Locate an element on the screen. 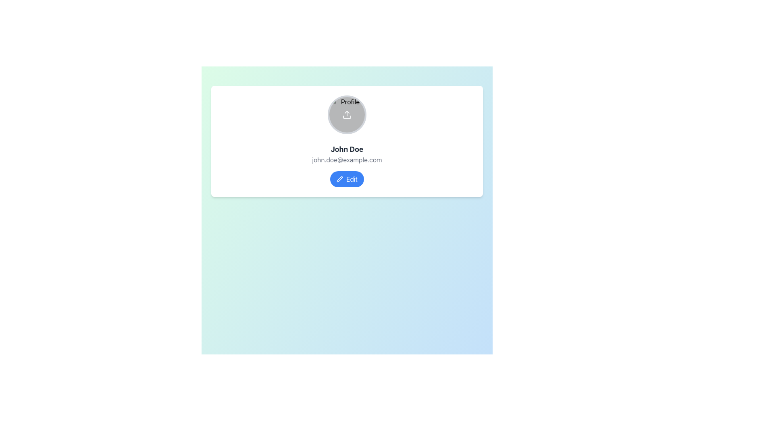 This screenshot has width=774, height=435. displayed text from the user profile information text field, which shows the user's name and email address, centrally located below the profile picture and above the 'Edit' button is located at coordinates (347, 154).